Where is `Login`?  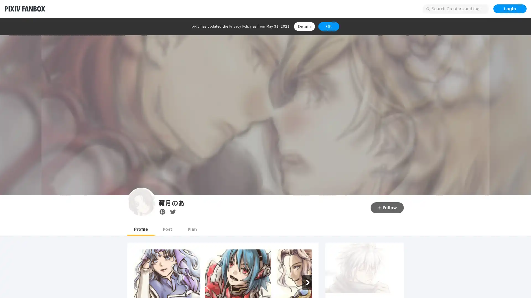 Login is located at coordinates (509, 9).